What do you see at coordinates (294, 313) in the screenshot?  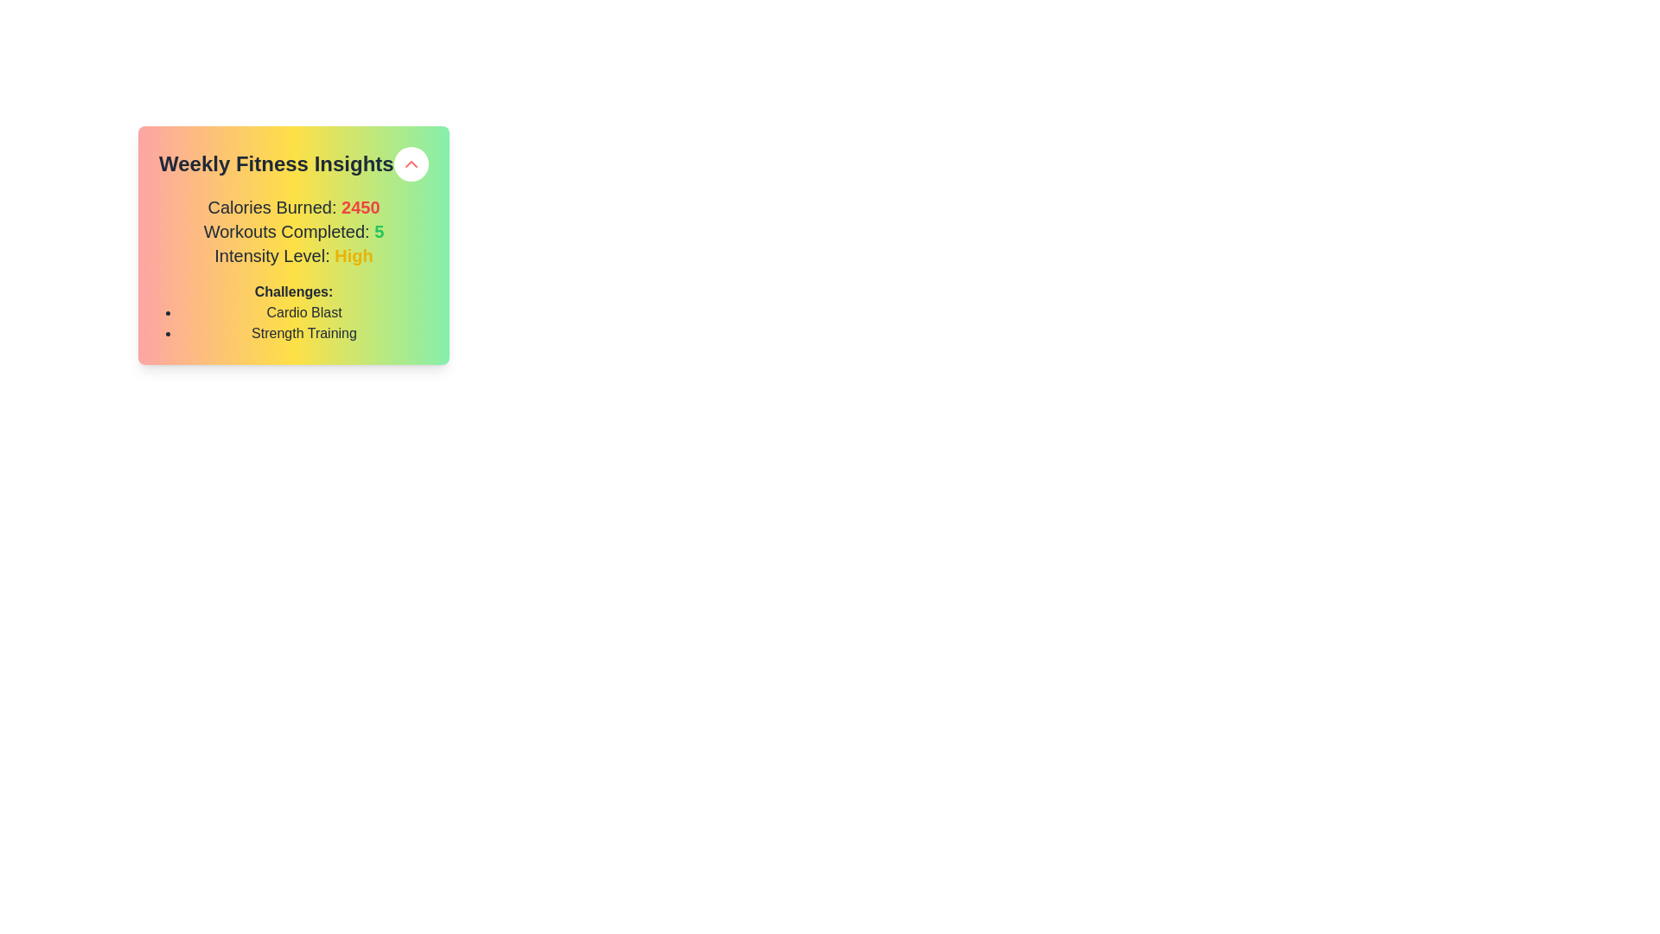 I see `text block labeled 'Challenges:' within the gradient-colored card titled 'Weekly Fitness Insights', which lists 'Cardio Blast' and 'Strength Training' as bullet points` at bounding box center [294, 313].